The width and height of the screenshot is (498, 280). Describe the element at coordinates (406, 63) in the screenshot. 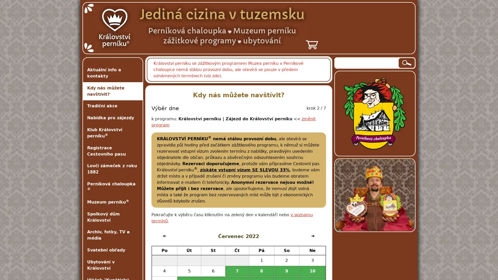

I see `Hledat` at that location.